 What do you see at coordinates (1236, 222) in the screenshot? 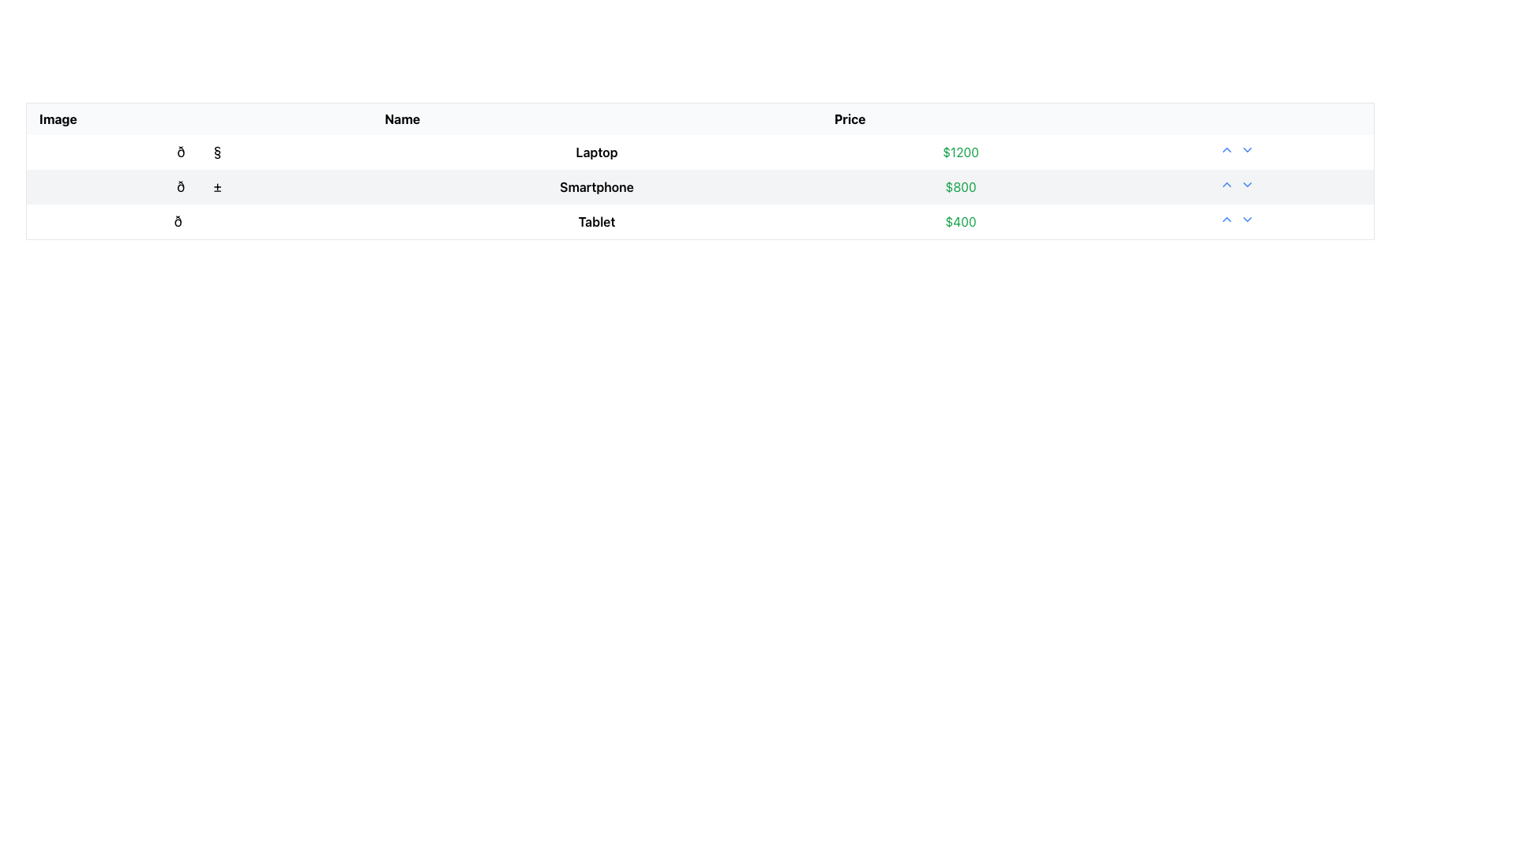
I see `the interactive button pair for ordering or prioritization located at the far-right end of the row corresponding to the 'Tablet' item, positioned to the right of the '$400' price value` at bounding box center [1236, 222].